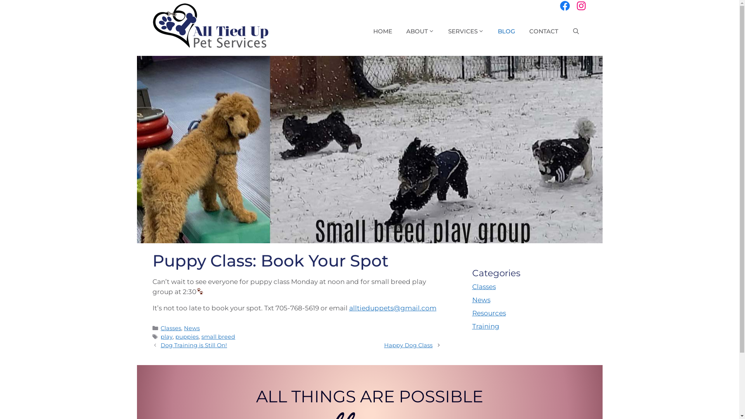  Describe the element at coordinates (166, 336) in the screenshot. I see `'play'` at that location.